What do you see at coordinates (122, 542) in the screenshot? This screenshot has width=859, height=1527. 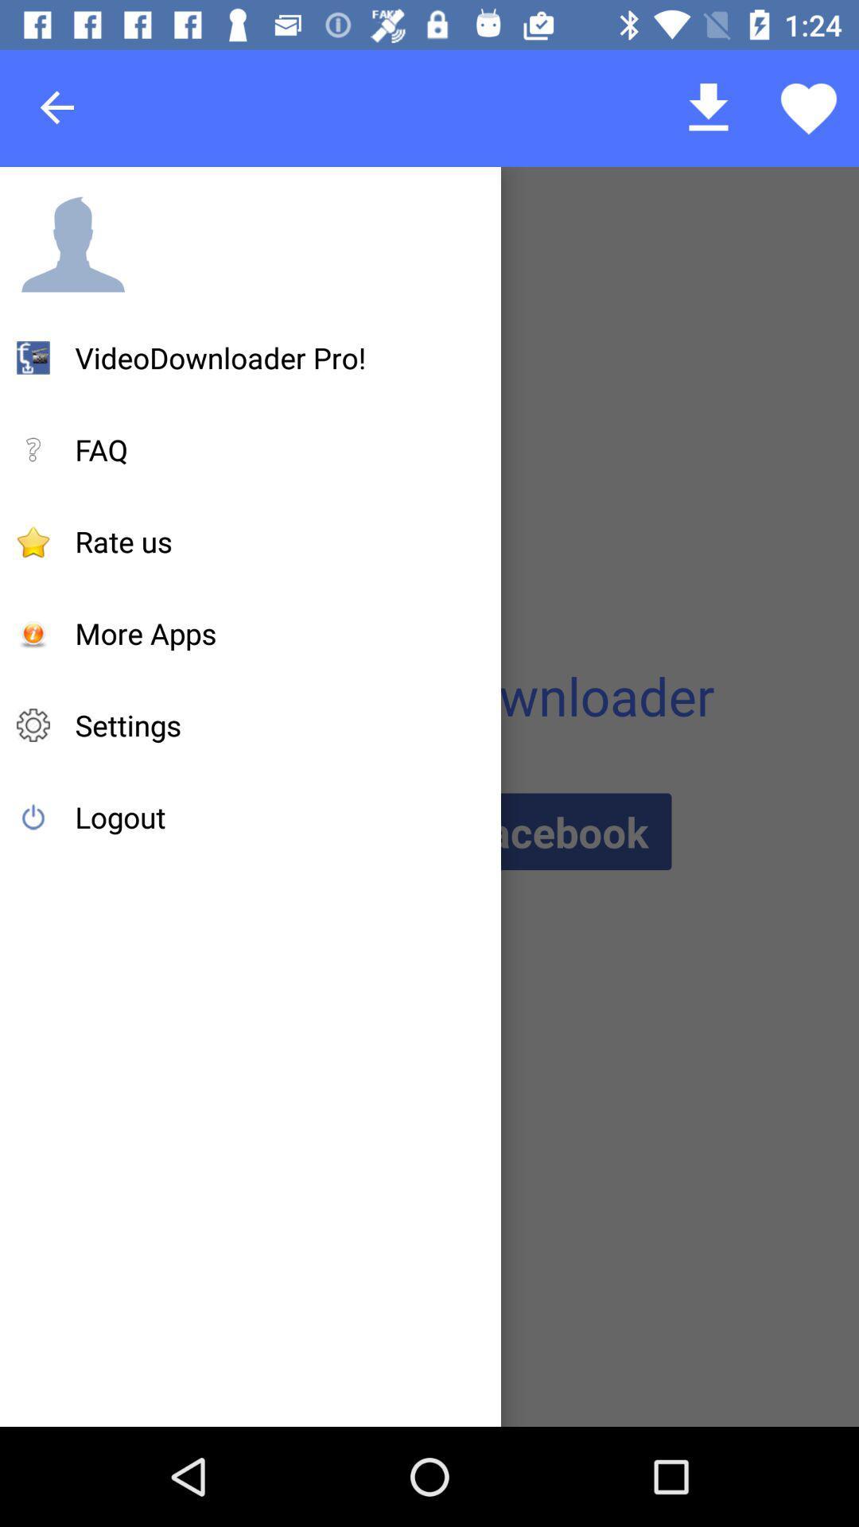 I see `the icon above the more apps` at bounding box center [122, 542].